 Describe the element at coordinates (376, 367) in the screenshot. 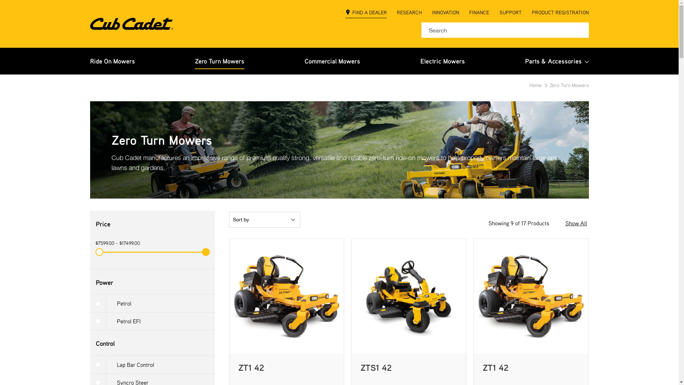

I see `'ZTS1 42'` at that location.